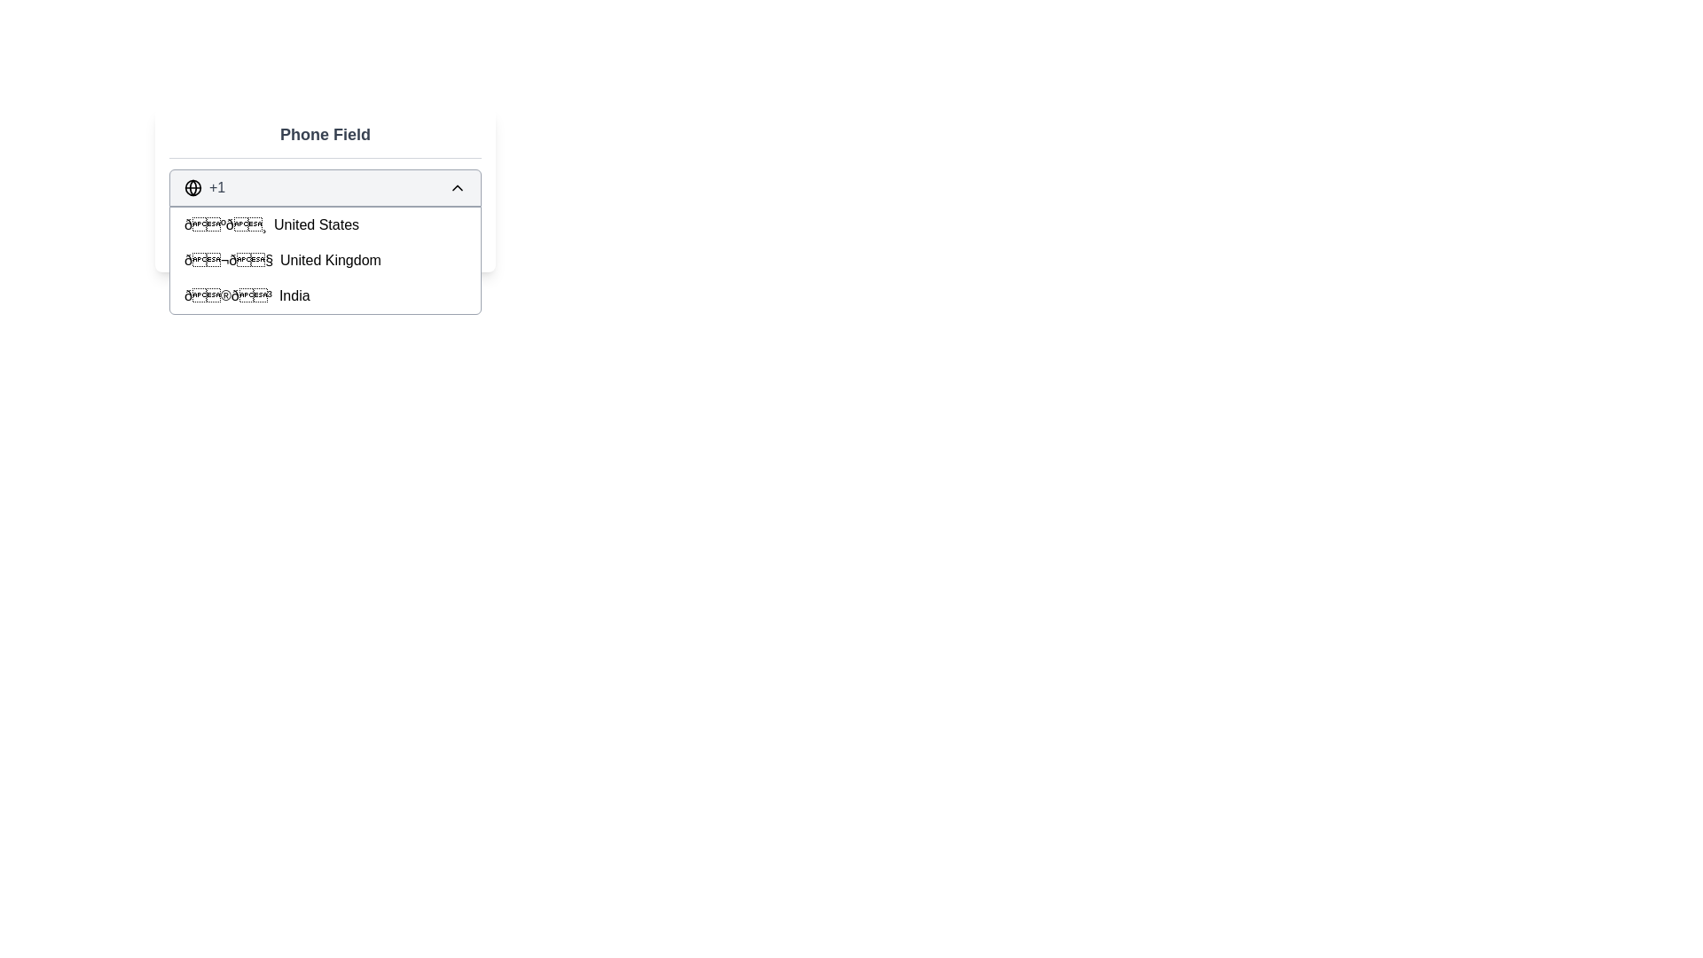 Image resolution: width=1703 pixels, height=958 pixels. I want to click on the '+1' text label representing the country code for the United States within the dropdown menu below the 'Phone Field' header, so click(216, 188).